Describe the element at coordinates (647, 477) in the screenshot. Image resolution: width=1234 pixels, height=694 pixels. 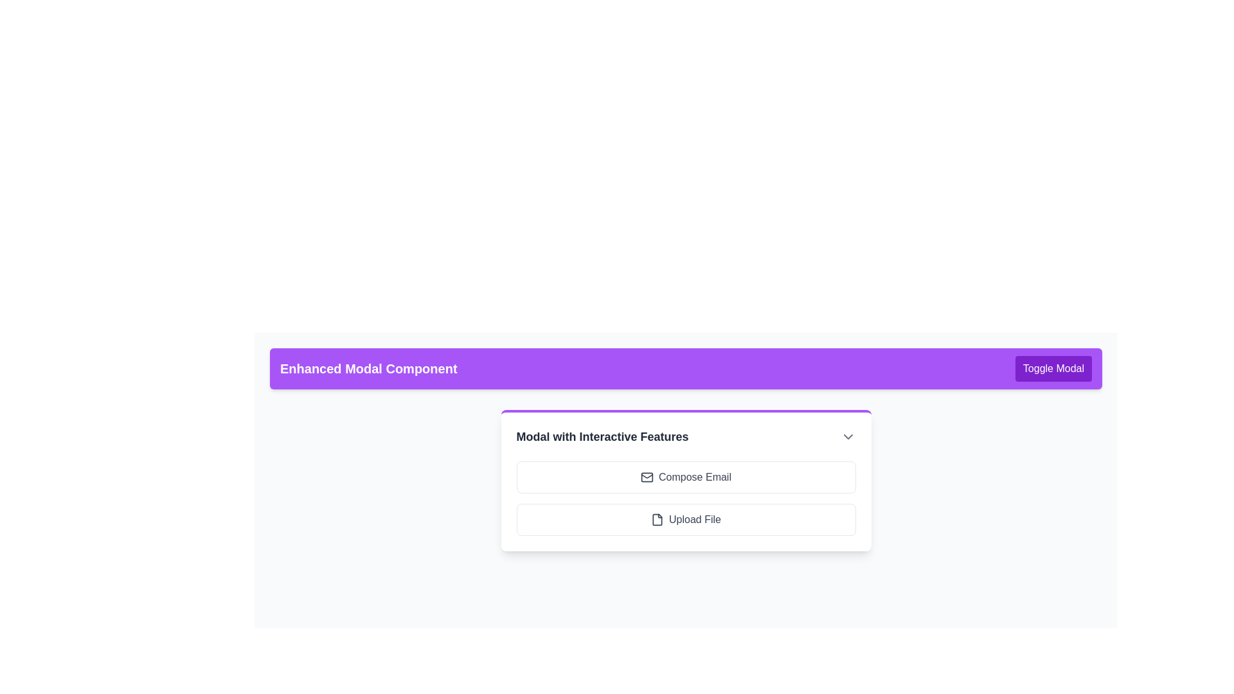
I see `the first icon in the 'Compose Email' row within the 'Modal with Interactive Features', which serves as a visual indicator for composing or sending email messages` at that location.